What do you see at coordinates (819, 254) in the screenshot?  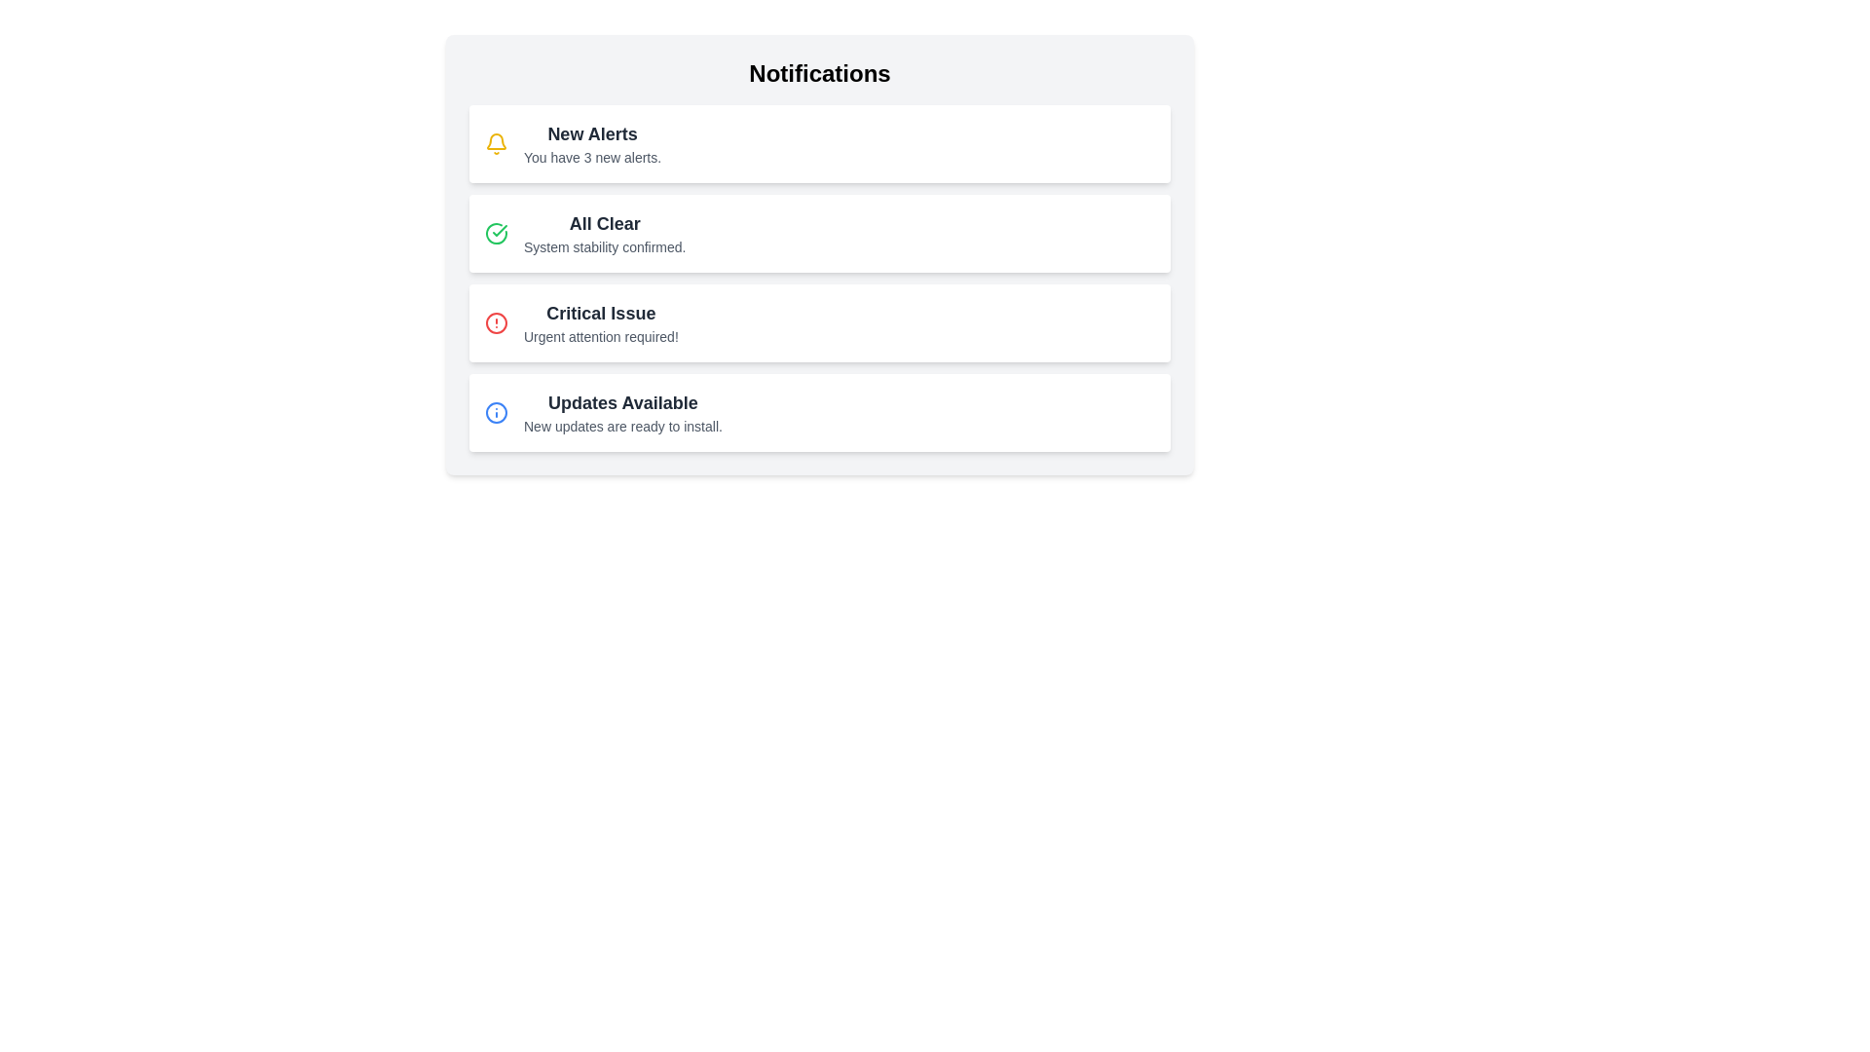 I see `the second Informational card in the notifications list, which indicates system stability, positioned below 'New Alerts' and above 'Critical Issue'` at bounding box center [819, 254].